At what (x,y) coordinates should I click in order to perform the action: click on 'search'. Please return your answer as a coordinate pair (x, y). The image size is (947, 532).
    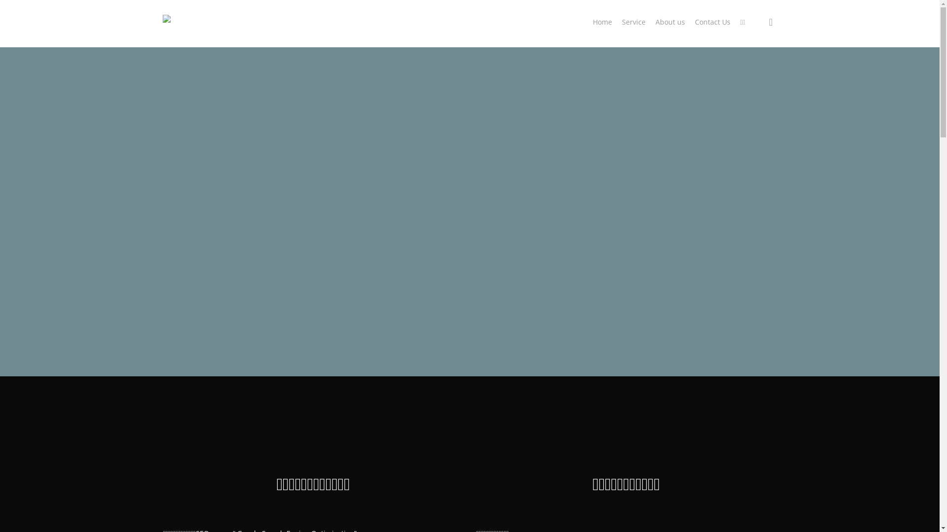
    Looking at the image, I should click on (770, 22).